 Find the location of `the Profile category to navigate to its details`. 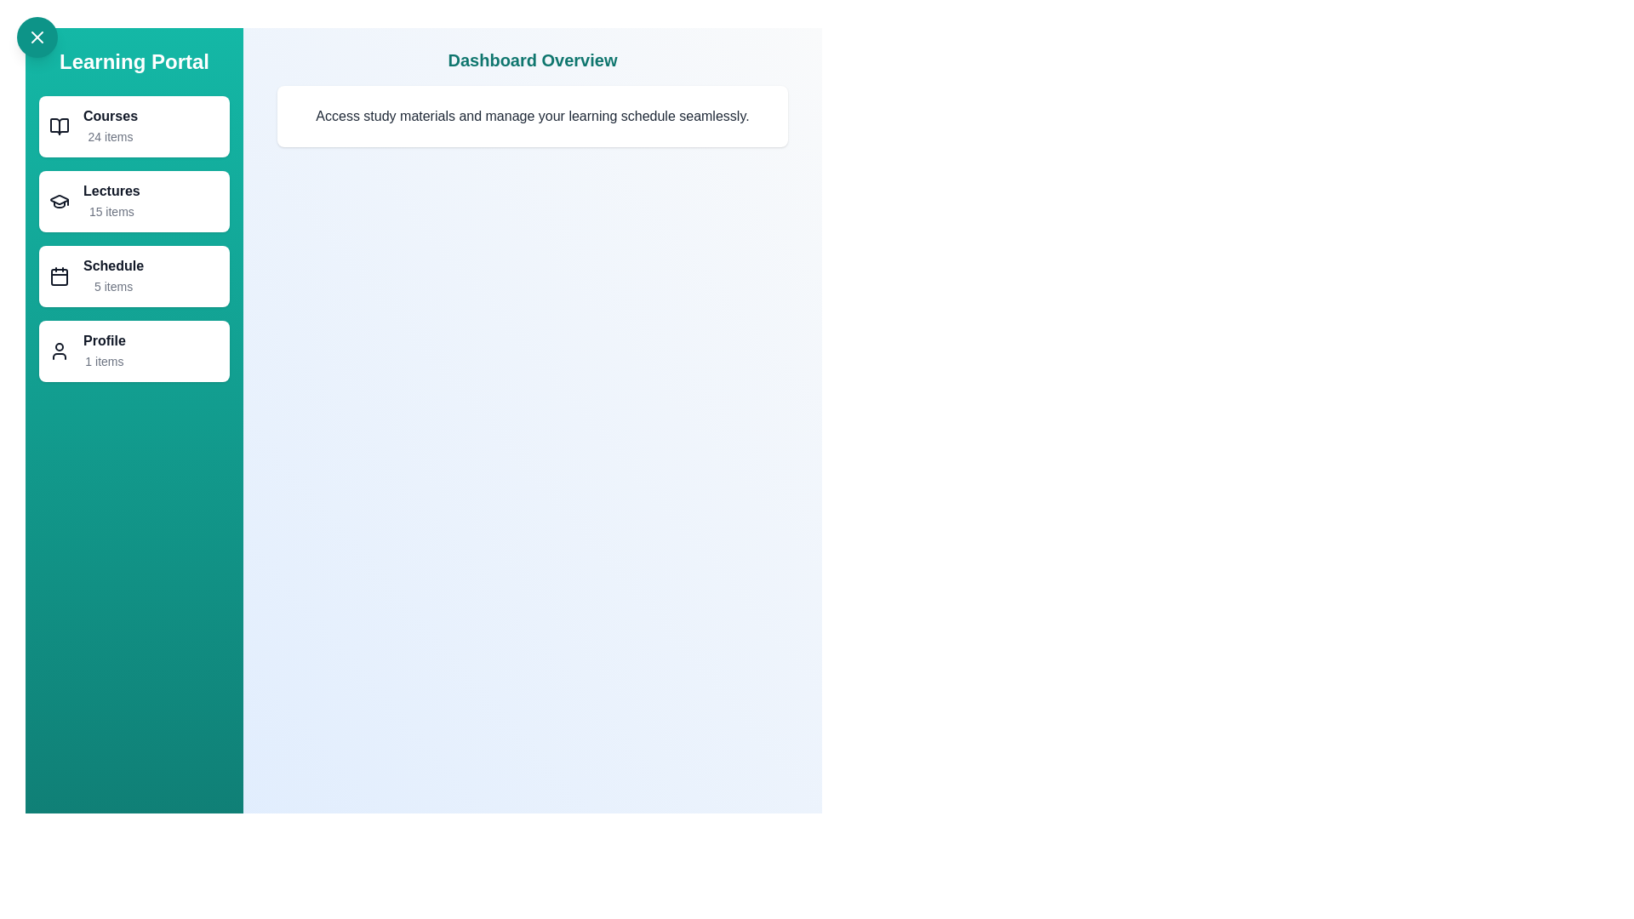

the Profile category to navigate to its details is located at coordinates (134, 350).